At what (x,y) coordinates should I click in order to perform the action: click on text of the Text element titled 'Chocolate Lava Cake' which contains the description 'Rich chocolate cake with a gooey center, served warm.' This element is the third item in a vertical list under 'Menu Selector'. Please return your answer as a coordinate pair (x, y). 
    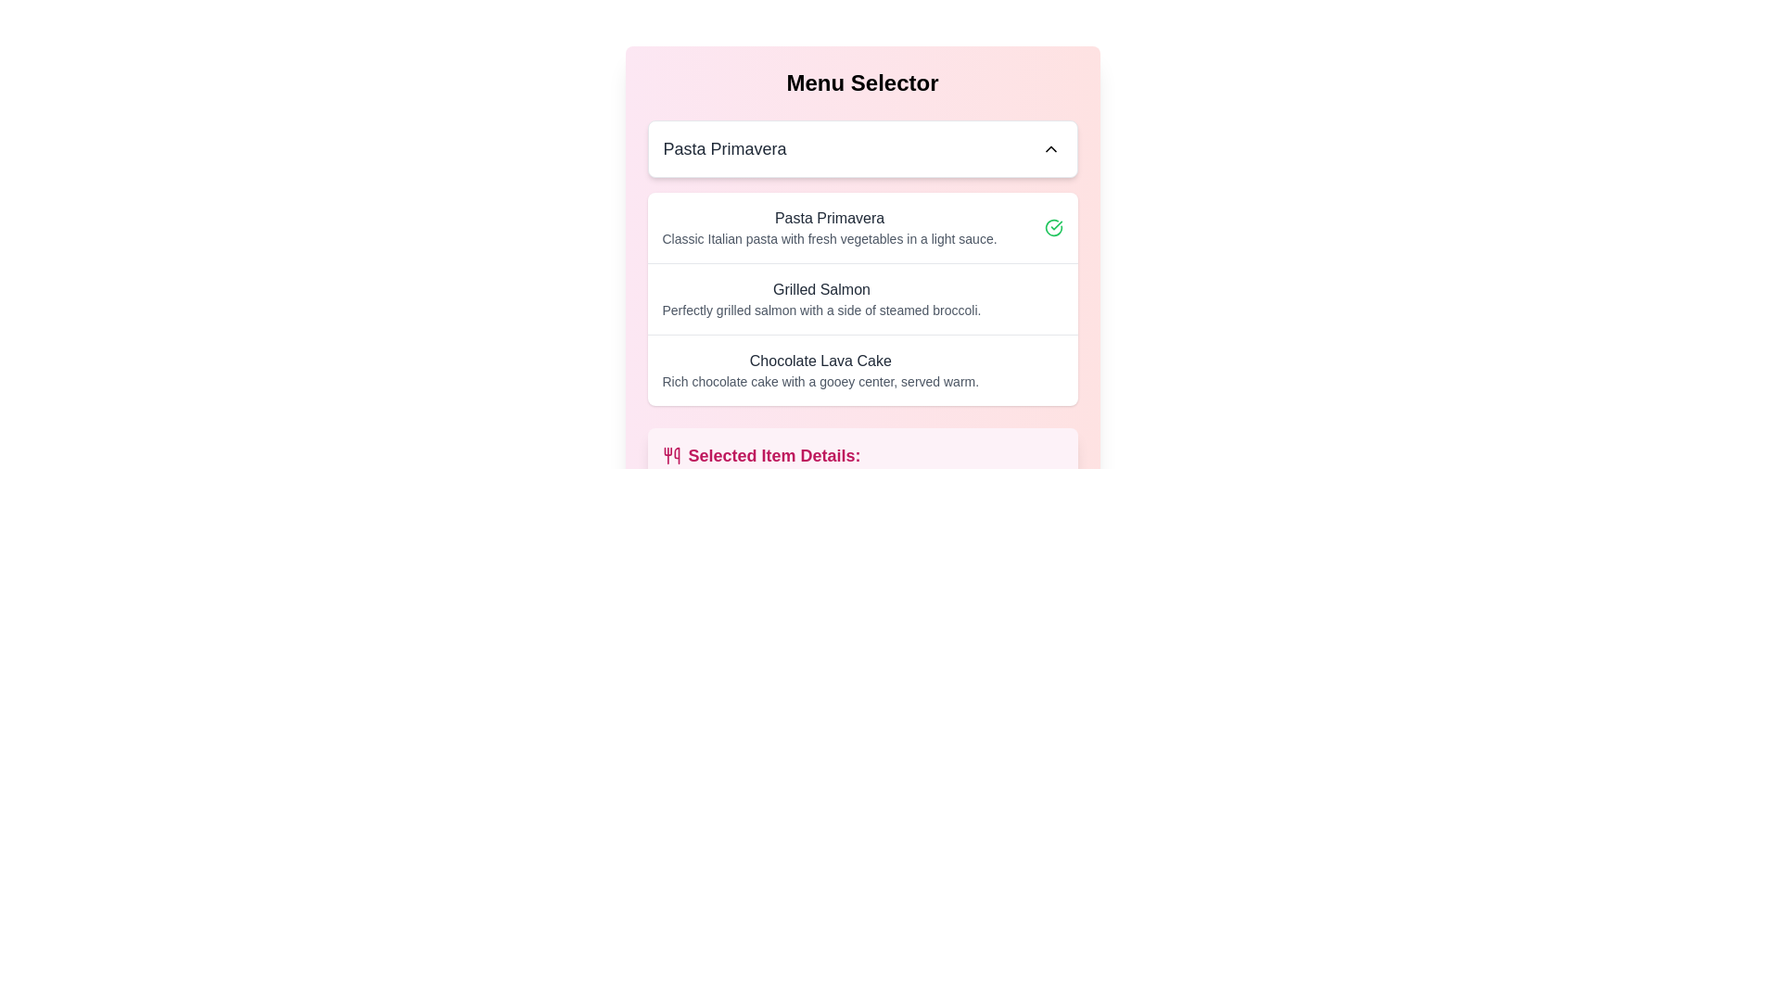
    Looking at the image, I should click on (820, 371).